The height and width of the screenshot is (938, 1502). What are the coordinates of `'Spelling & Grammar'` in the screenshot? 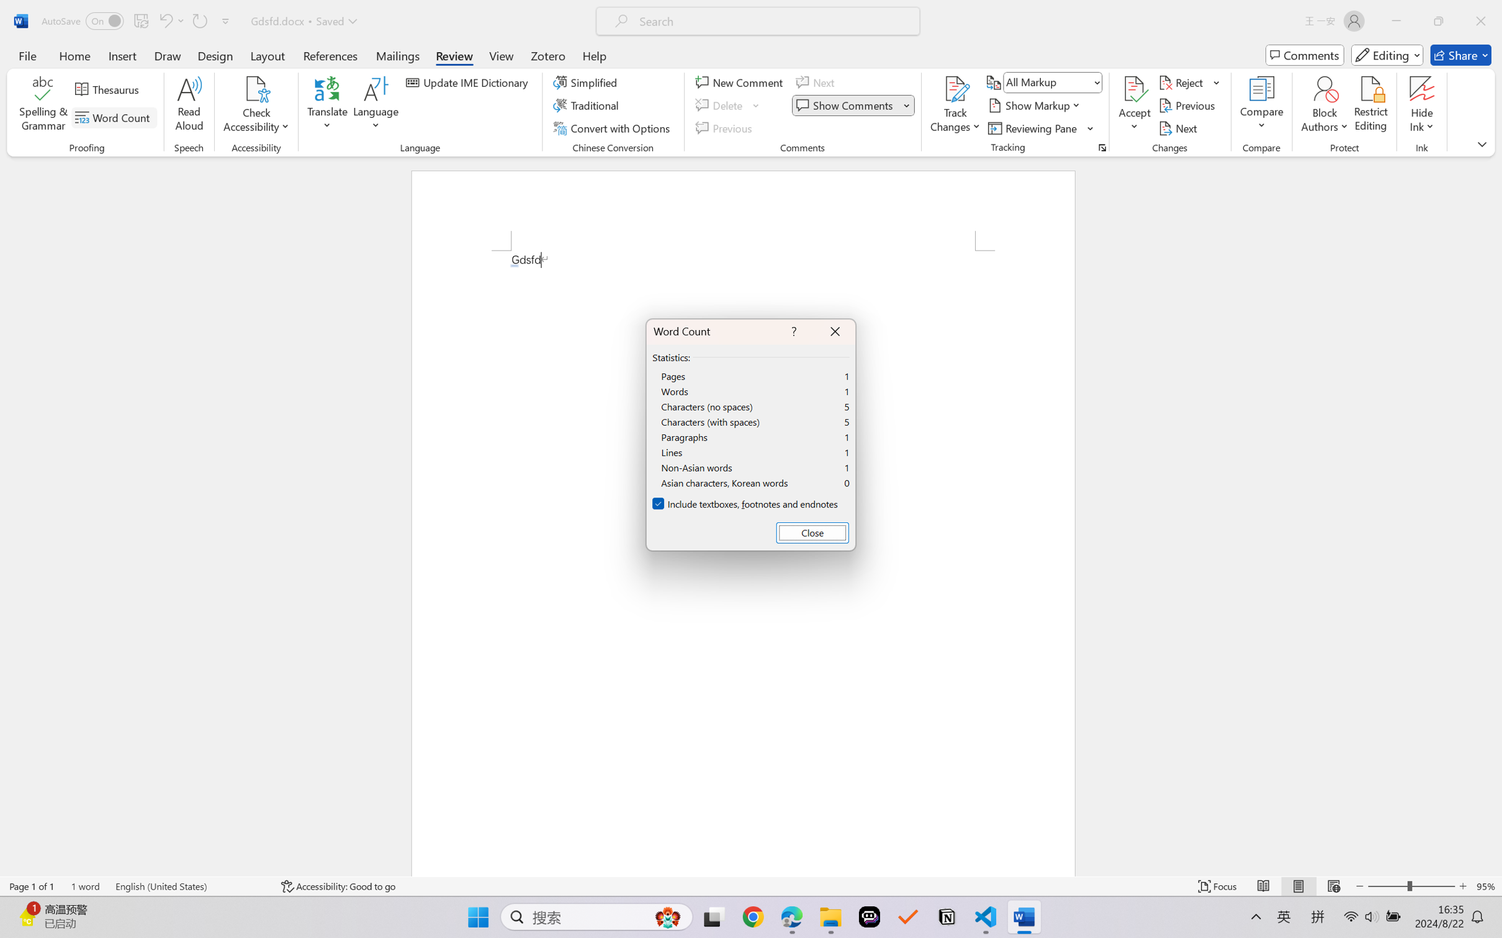 It's located at (43, 105).